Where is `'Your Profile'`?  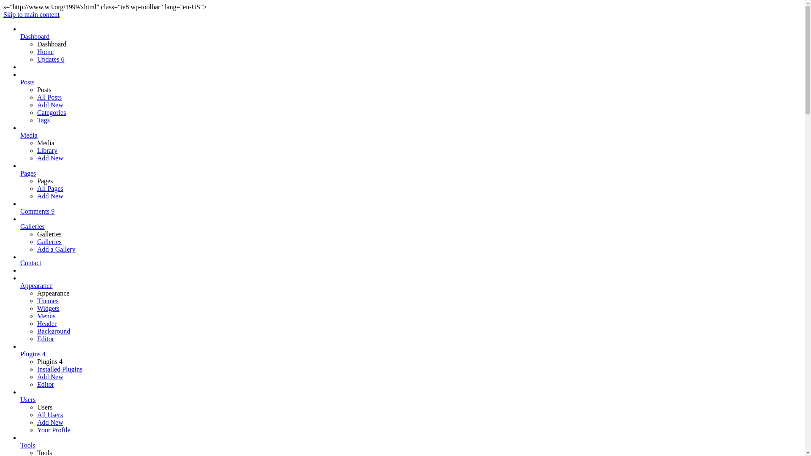 'Your Profile' is located at coordinates (53, 430).